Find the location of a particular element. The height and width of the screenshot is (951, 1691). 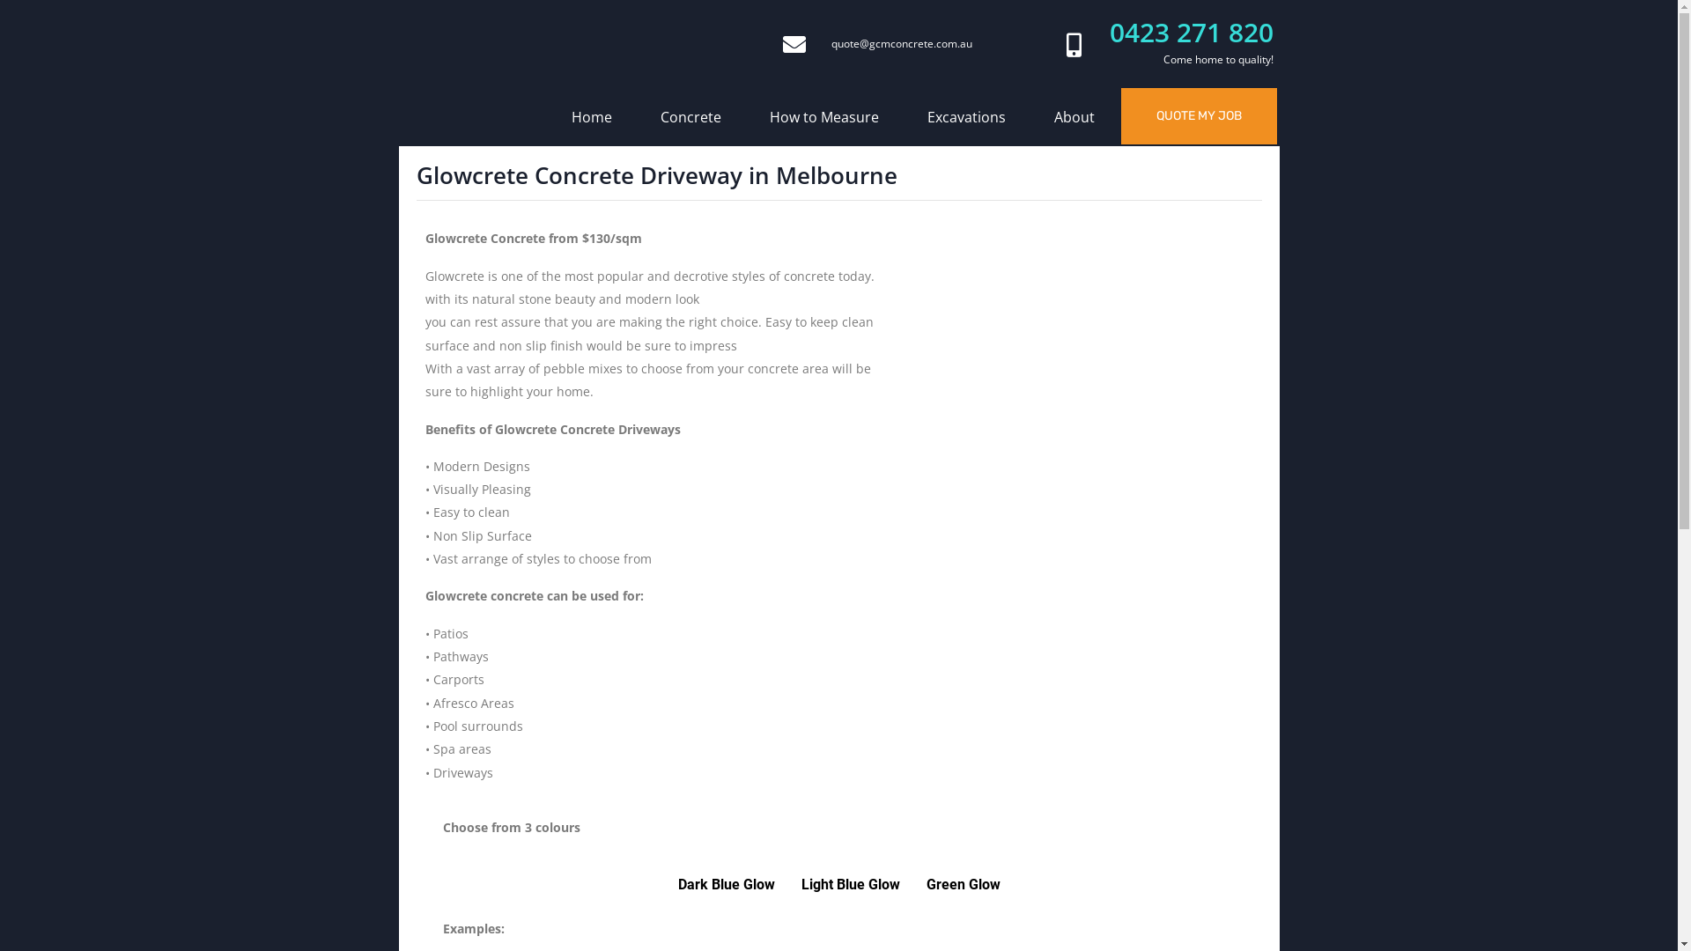

'Excavations' is located at coordinates (965, 116).